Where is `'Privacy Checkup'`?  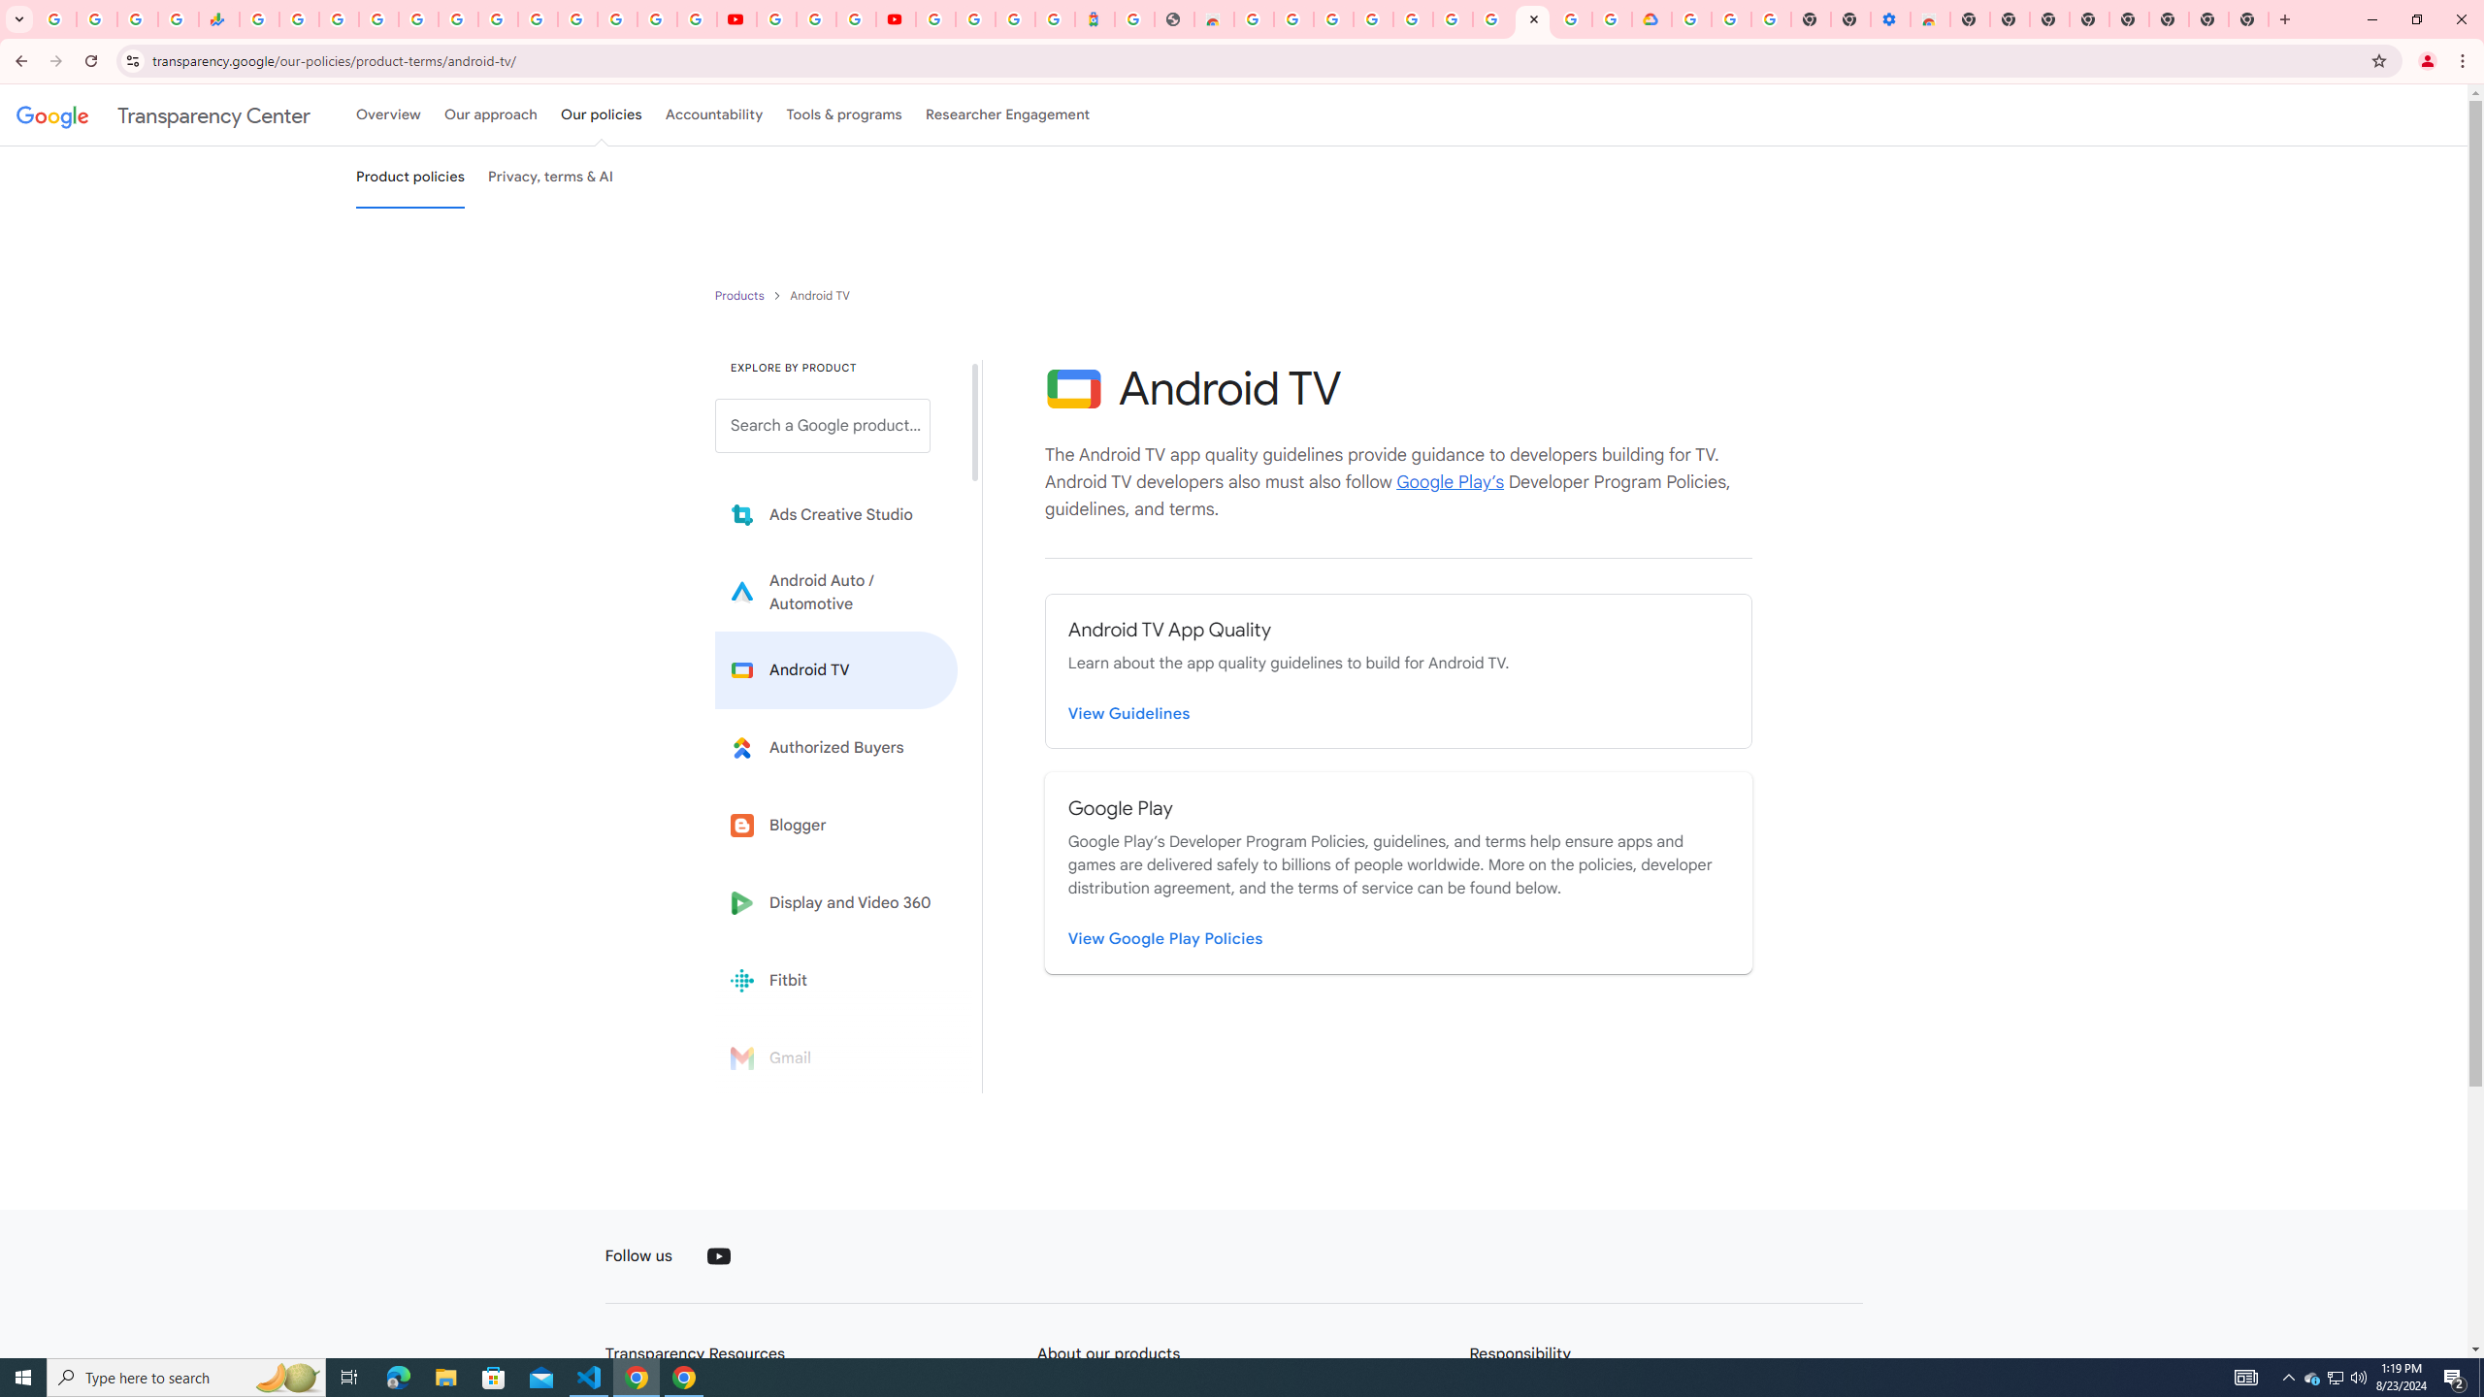 'Privacy Checkup' is located at coordinates (696, 18).